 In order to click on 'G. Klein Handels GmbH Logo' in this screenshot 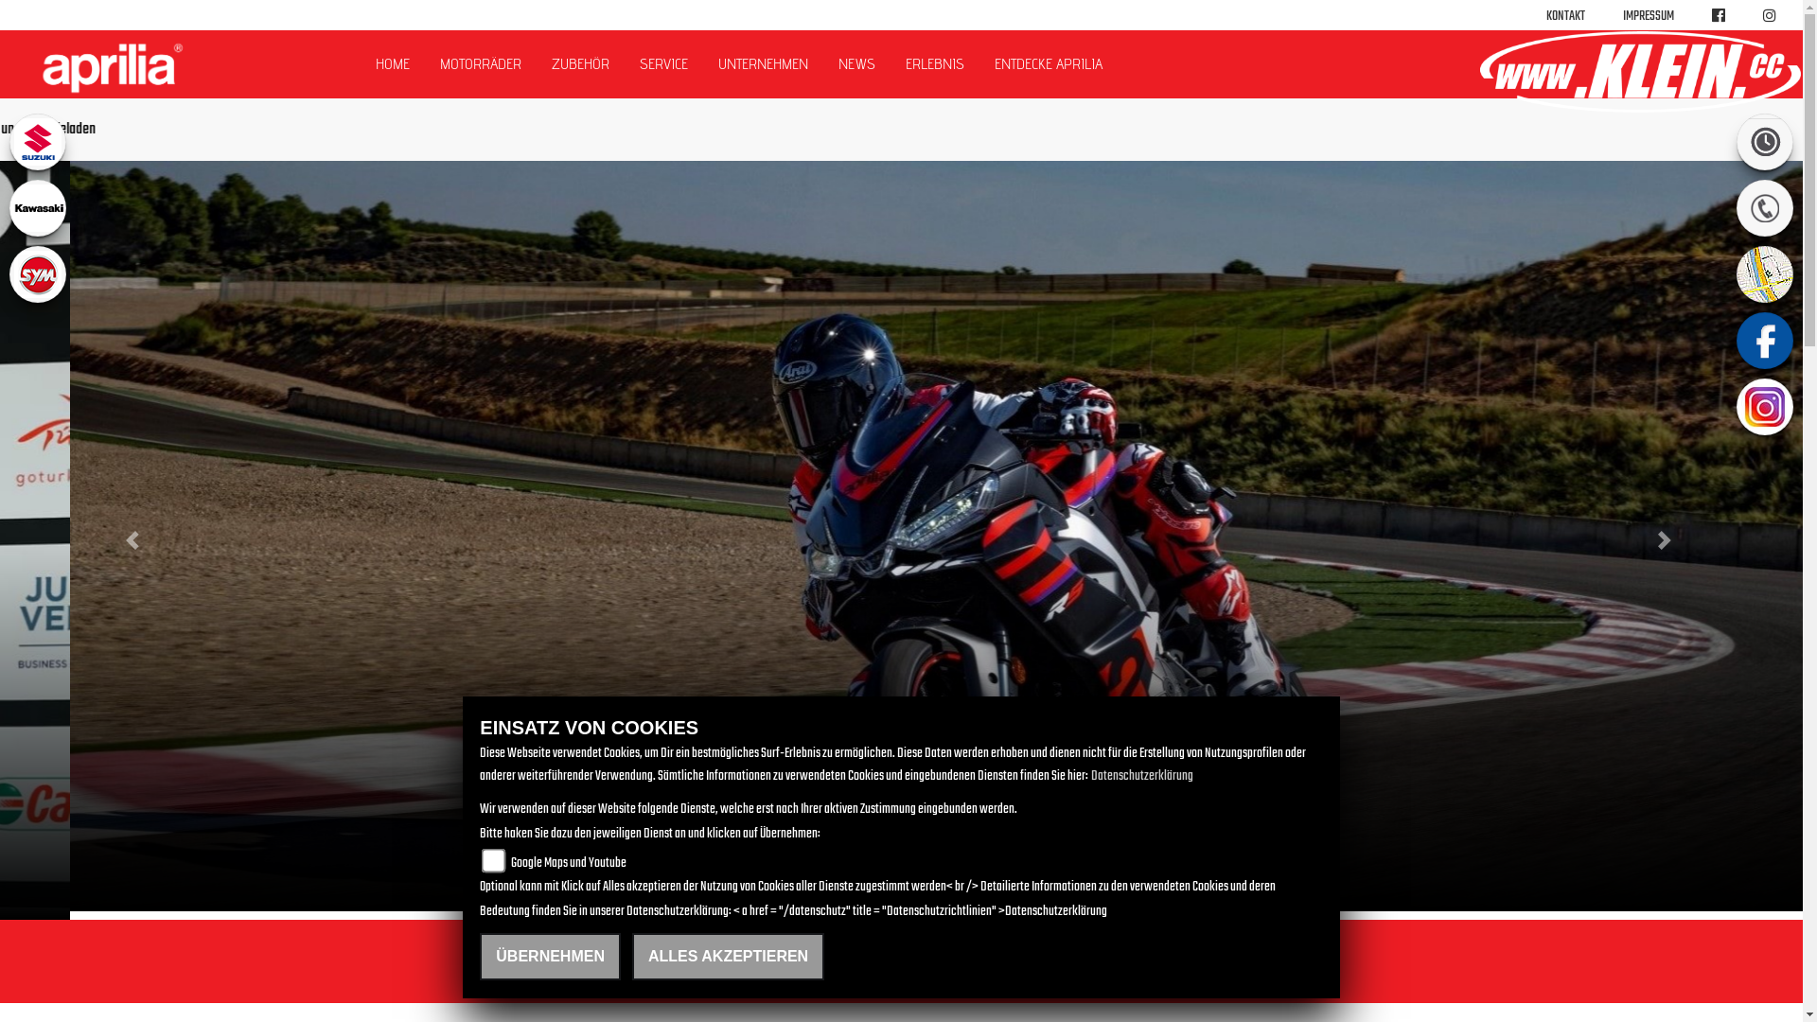, I will do `click(1638, 71)`.